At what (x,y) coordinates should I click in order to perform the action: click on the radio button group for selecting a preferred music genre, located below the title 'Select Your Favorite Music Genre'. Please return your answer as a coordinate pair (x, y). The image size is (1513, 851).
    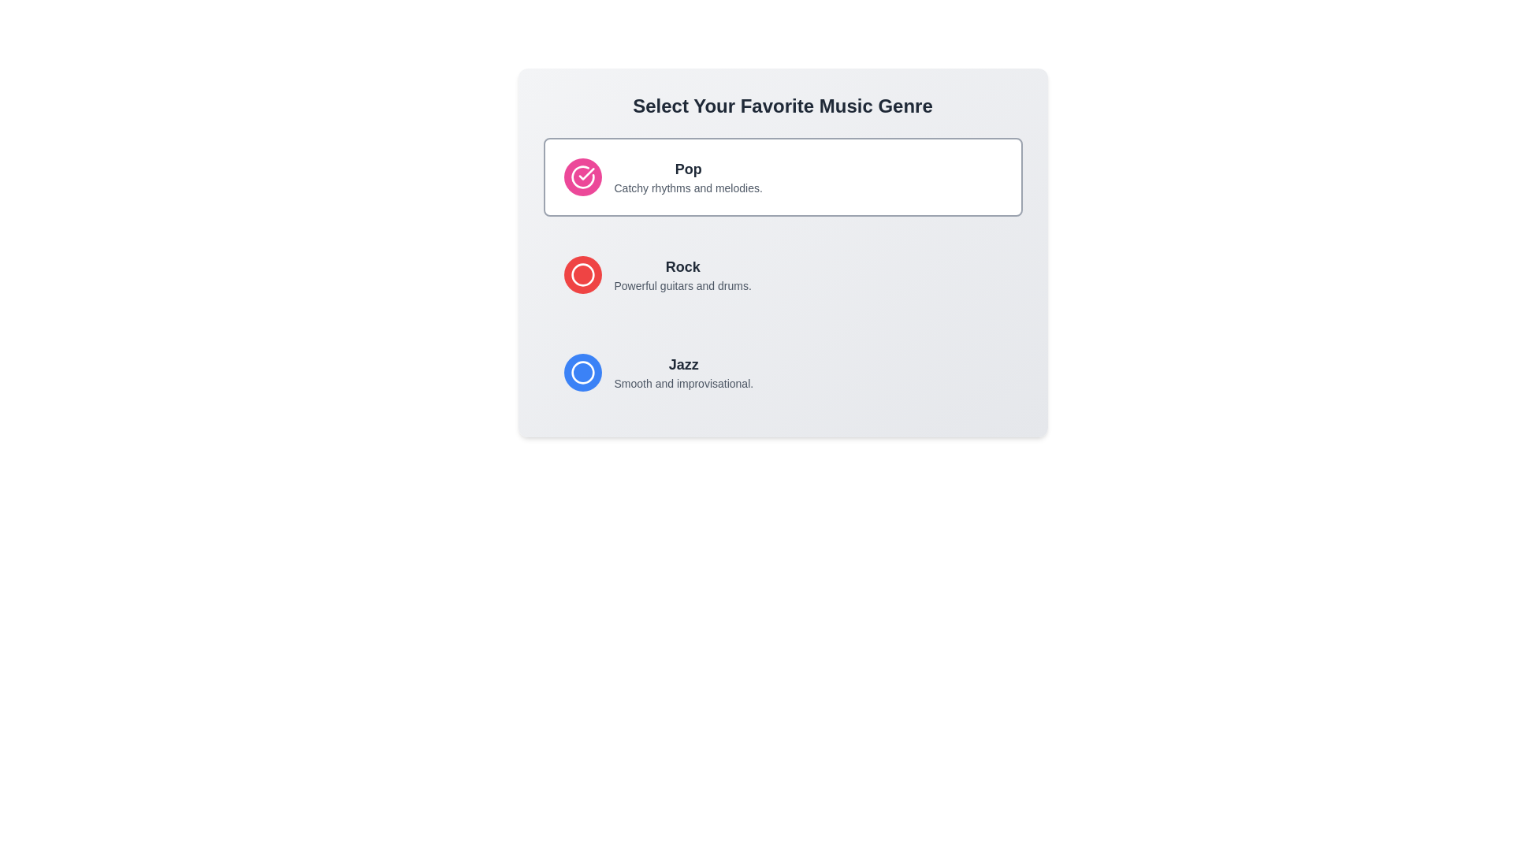
    Looking at the image, I should click on (783, 273).